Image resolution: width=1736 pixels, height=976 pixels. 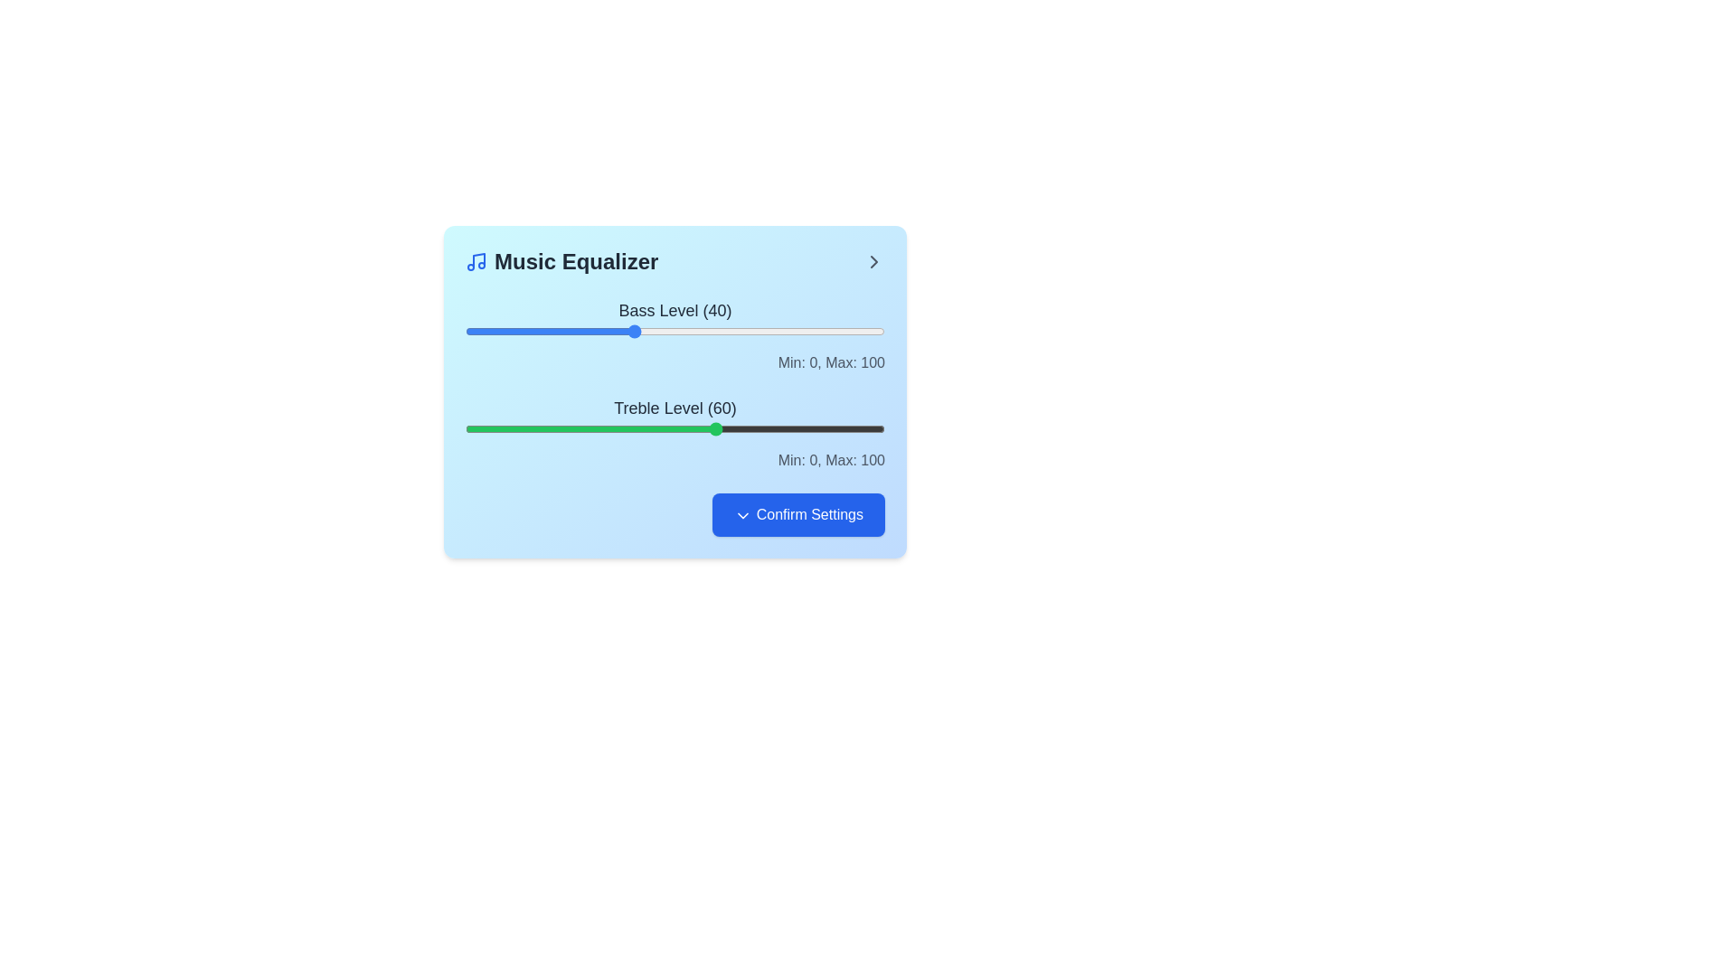 What do you see at coordinates (675, 331) in the screenshot?
I see `the slider handle of the Range input slider, which adjusts the bass level between 0 and 100` at bounding box center [675, 331].